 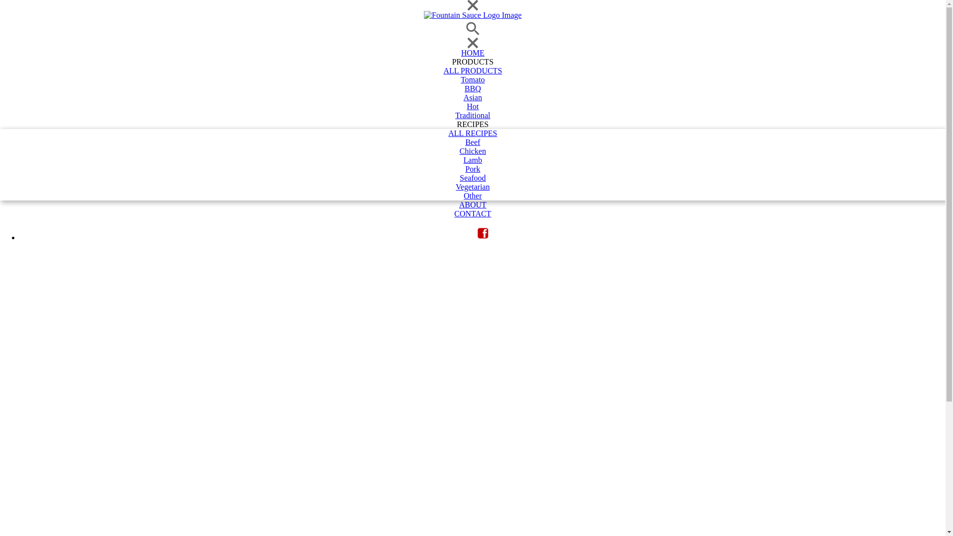 What do you see at coordinates (472, 115) in the screenshot?
I see `'Traditional'` at bounding box center [472, 115].